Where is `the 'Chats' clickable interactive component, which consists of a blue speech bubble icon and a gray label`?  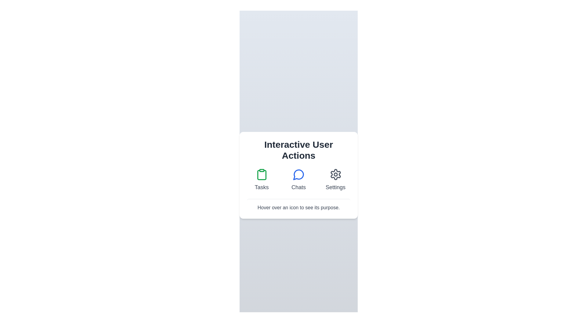 the 'Chats' clickable interactive component, which consists of a blue speech bubble icon and a gray label is located at coordinates (298, 179).